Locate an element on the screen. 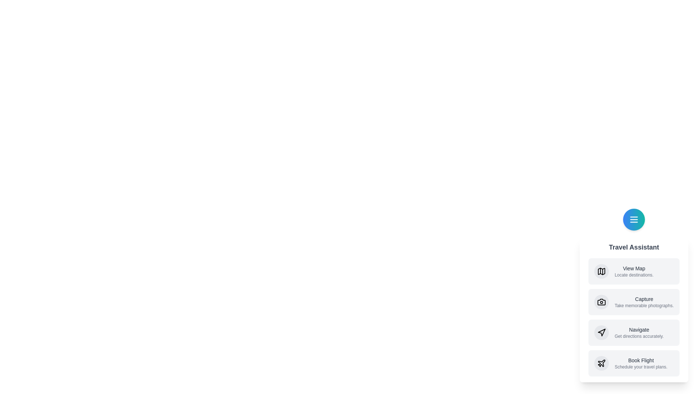 The image size is (700, 394). the 'Navigate' option in the Travel Assistant Speed Dial is located at coordinates (638, 332).